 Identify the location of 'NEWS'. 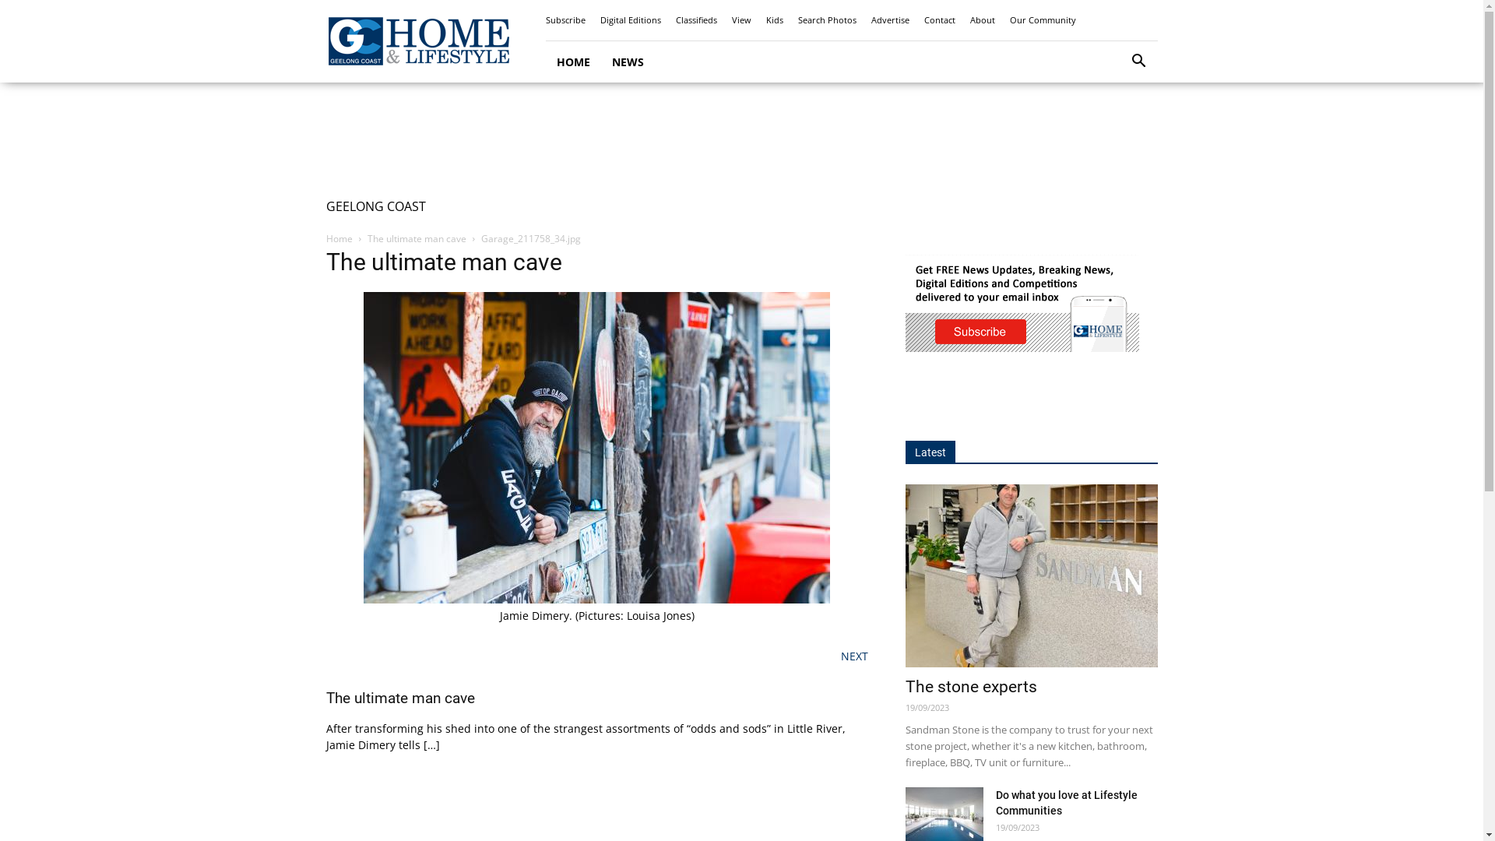
(628, 61).